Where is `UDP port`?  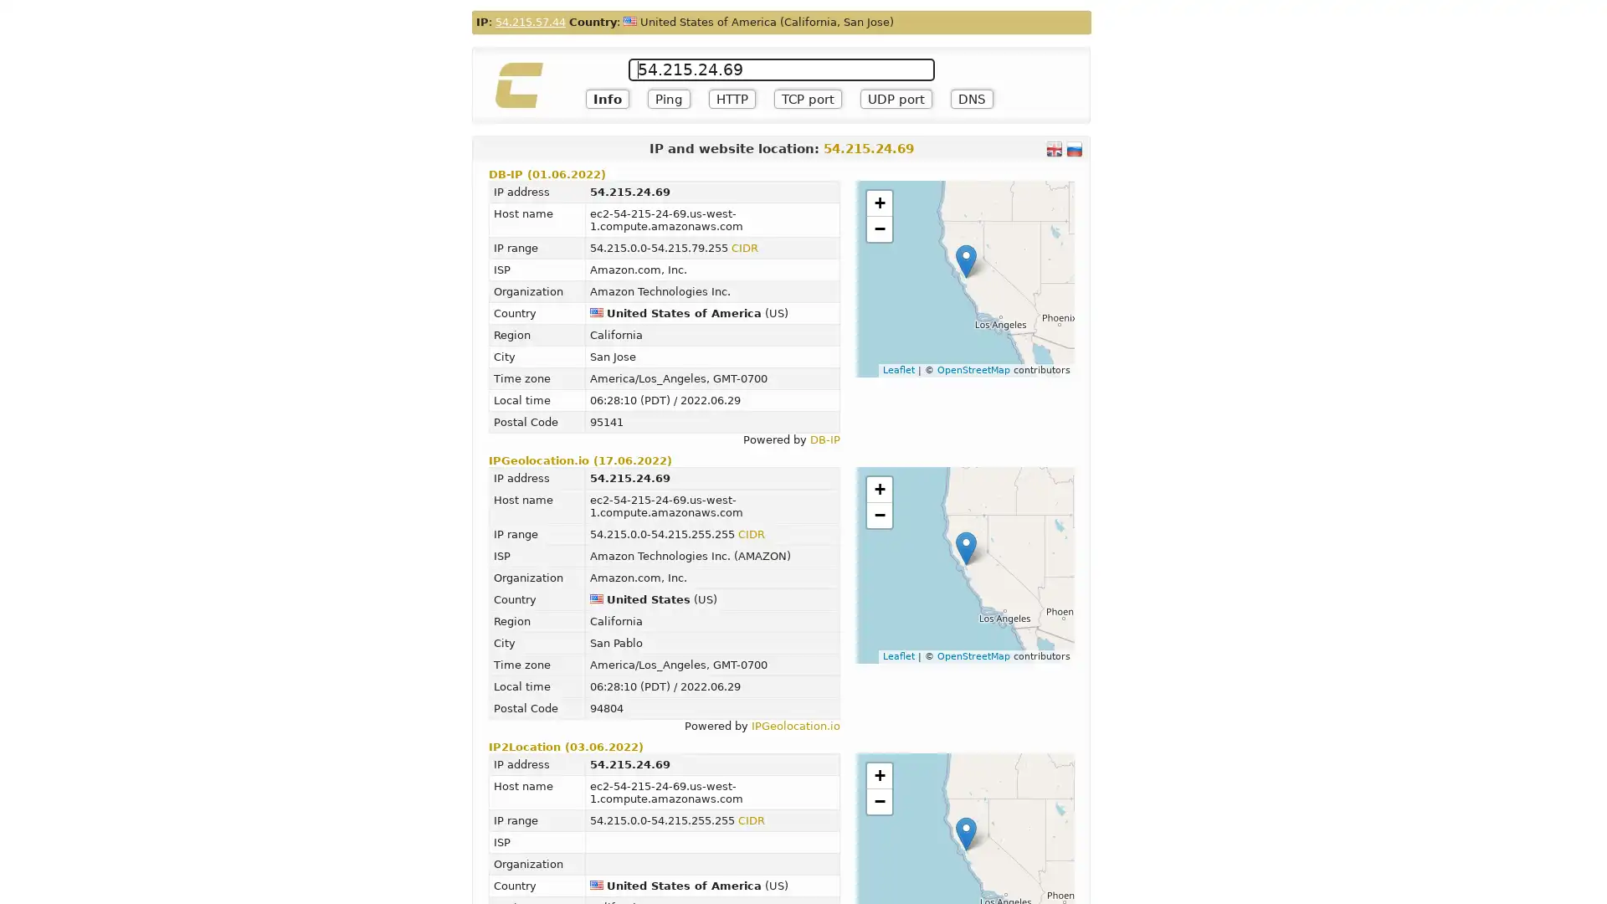
UDP port is located at coordinates (895, 99).